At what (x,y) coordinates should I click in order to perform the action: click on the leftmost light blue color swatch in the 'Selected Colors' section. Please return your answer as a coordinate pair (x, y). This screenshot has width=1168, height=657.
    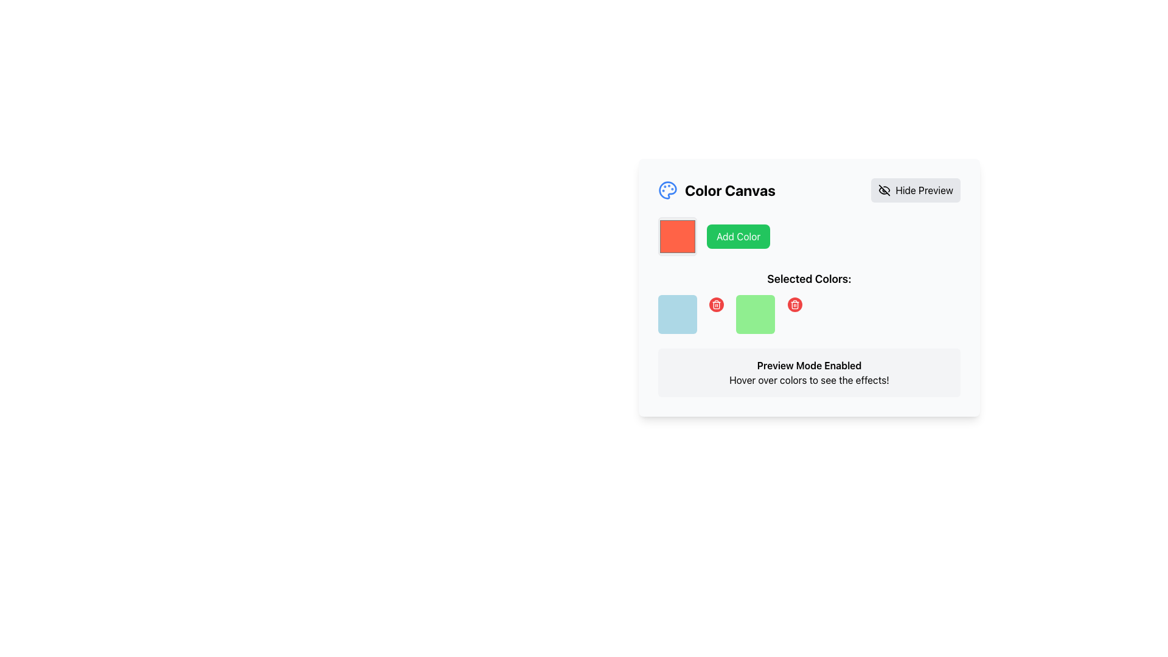
    Looking at the image, I should click on (676, 313).